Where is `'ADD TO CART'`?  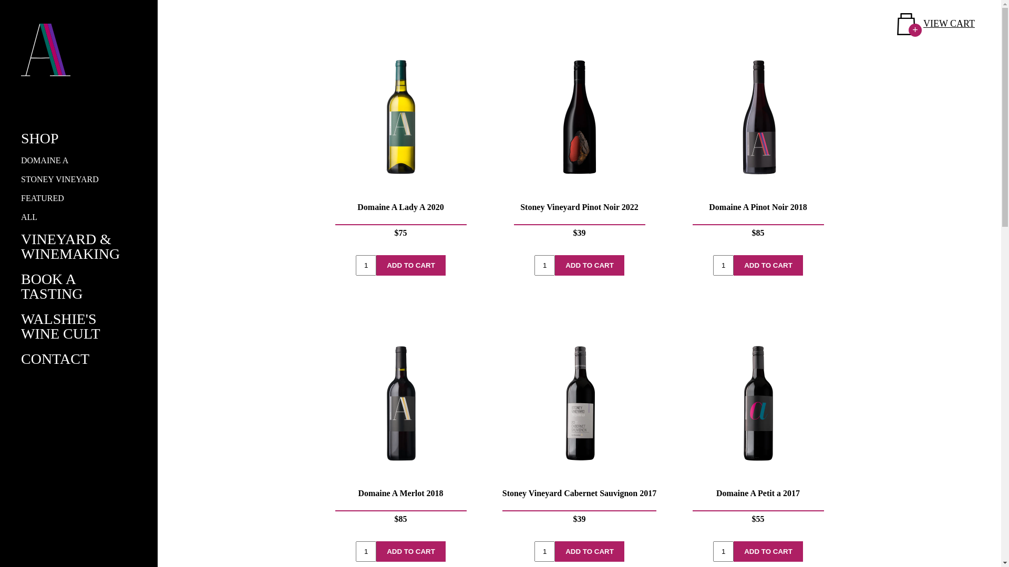 'ADD TO CART' is located at coordinates (768, 265).